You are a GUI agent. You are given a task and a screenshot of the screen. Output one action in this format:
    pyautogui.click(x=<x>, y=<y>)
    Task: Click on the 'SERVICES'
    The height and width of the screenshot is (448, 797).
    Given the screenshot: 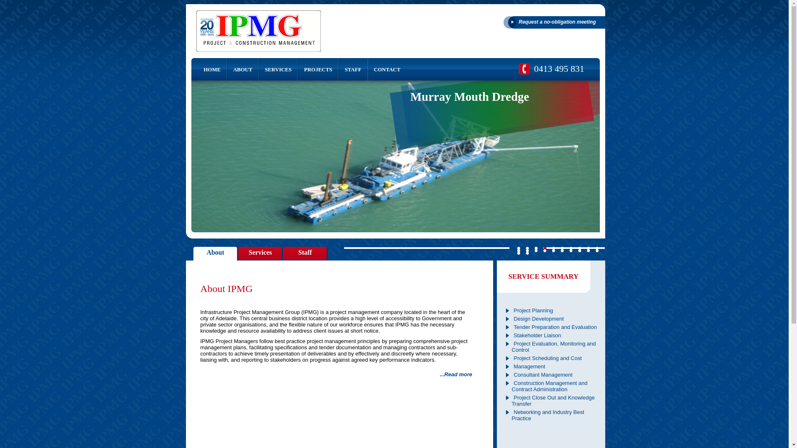 What is the action you would take?
    pyautogui.click(x=259, y=68)
    